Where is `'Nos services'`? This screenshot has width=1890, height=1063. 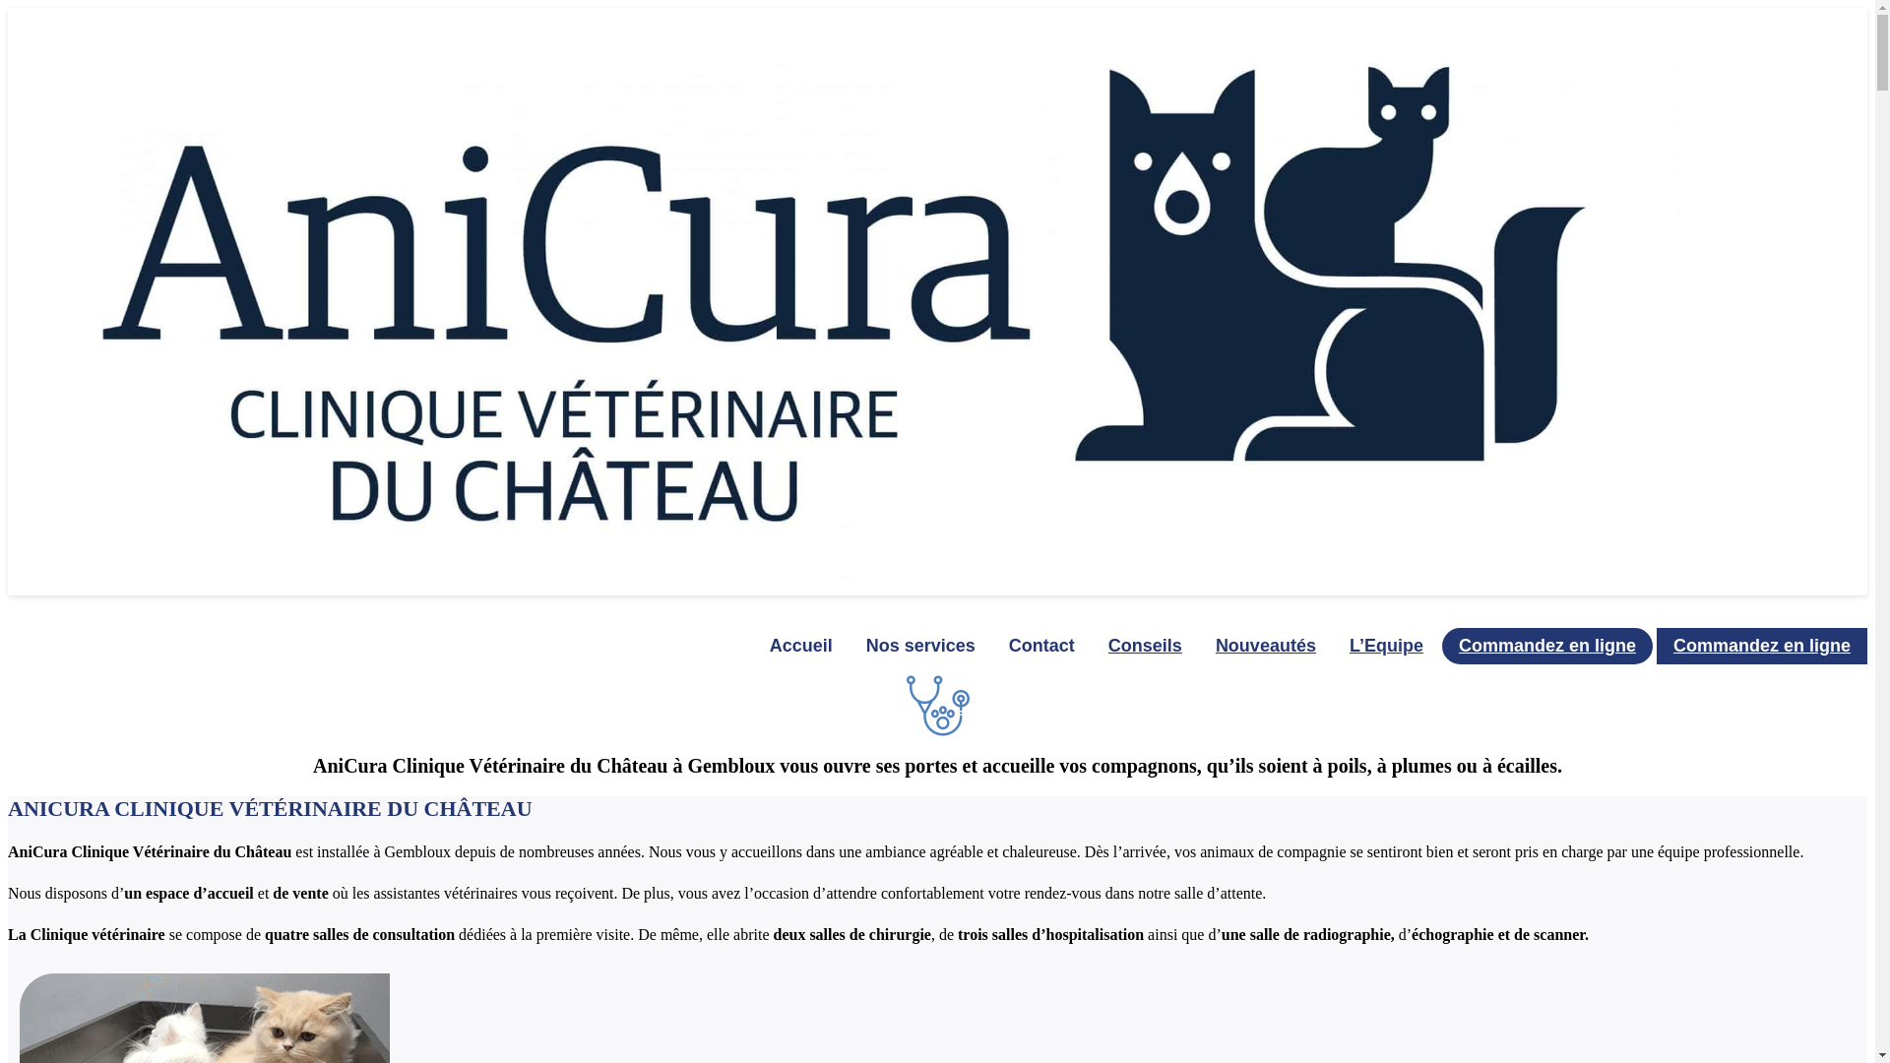
'Nos services' is located at coordinates (919, 646).